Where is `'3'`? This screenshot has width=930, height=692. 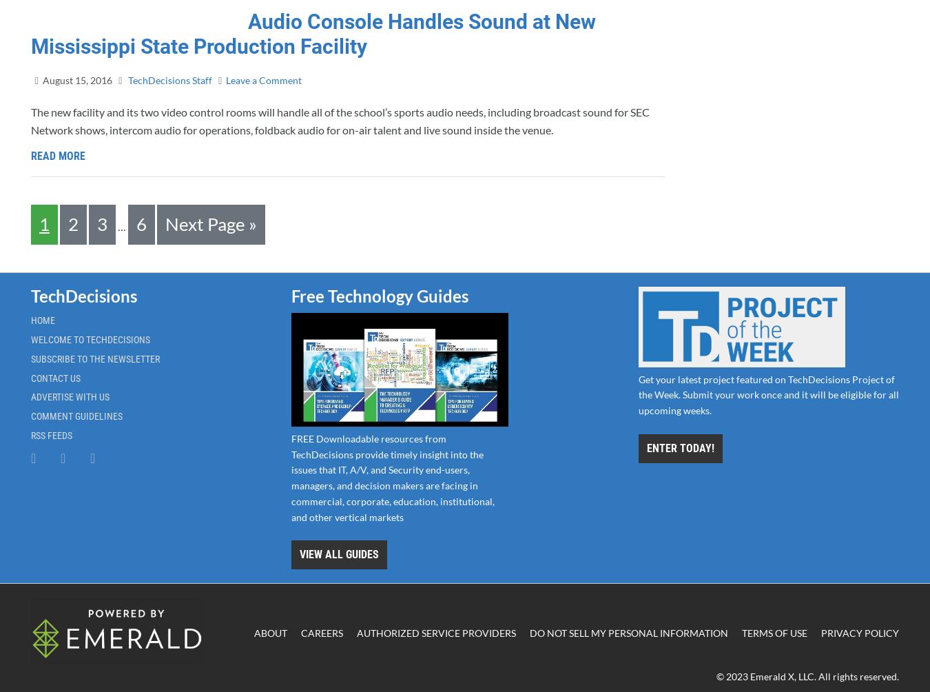
'3' is located at coordinates (96, 223).